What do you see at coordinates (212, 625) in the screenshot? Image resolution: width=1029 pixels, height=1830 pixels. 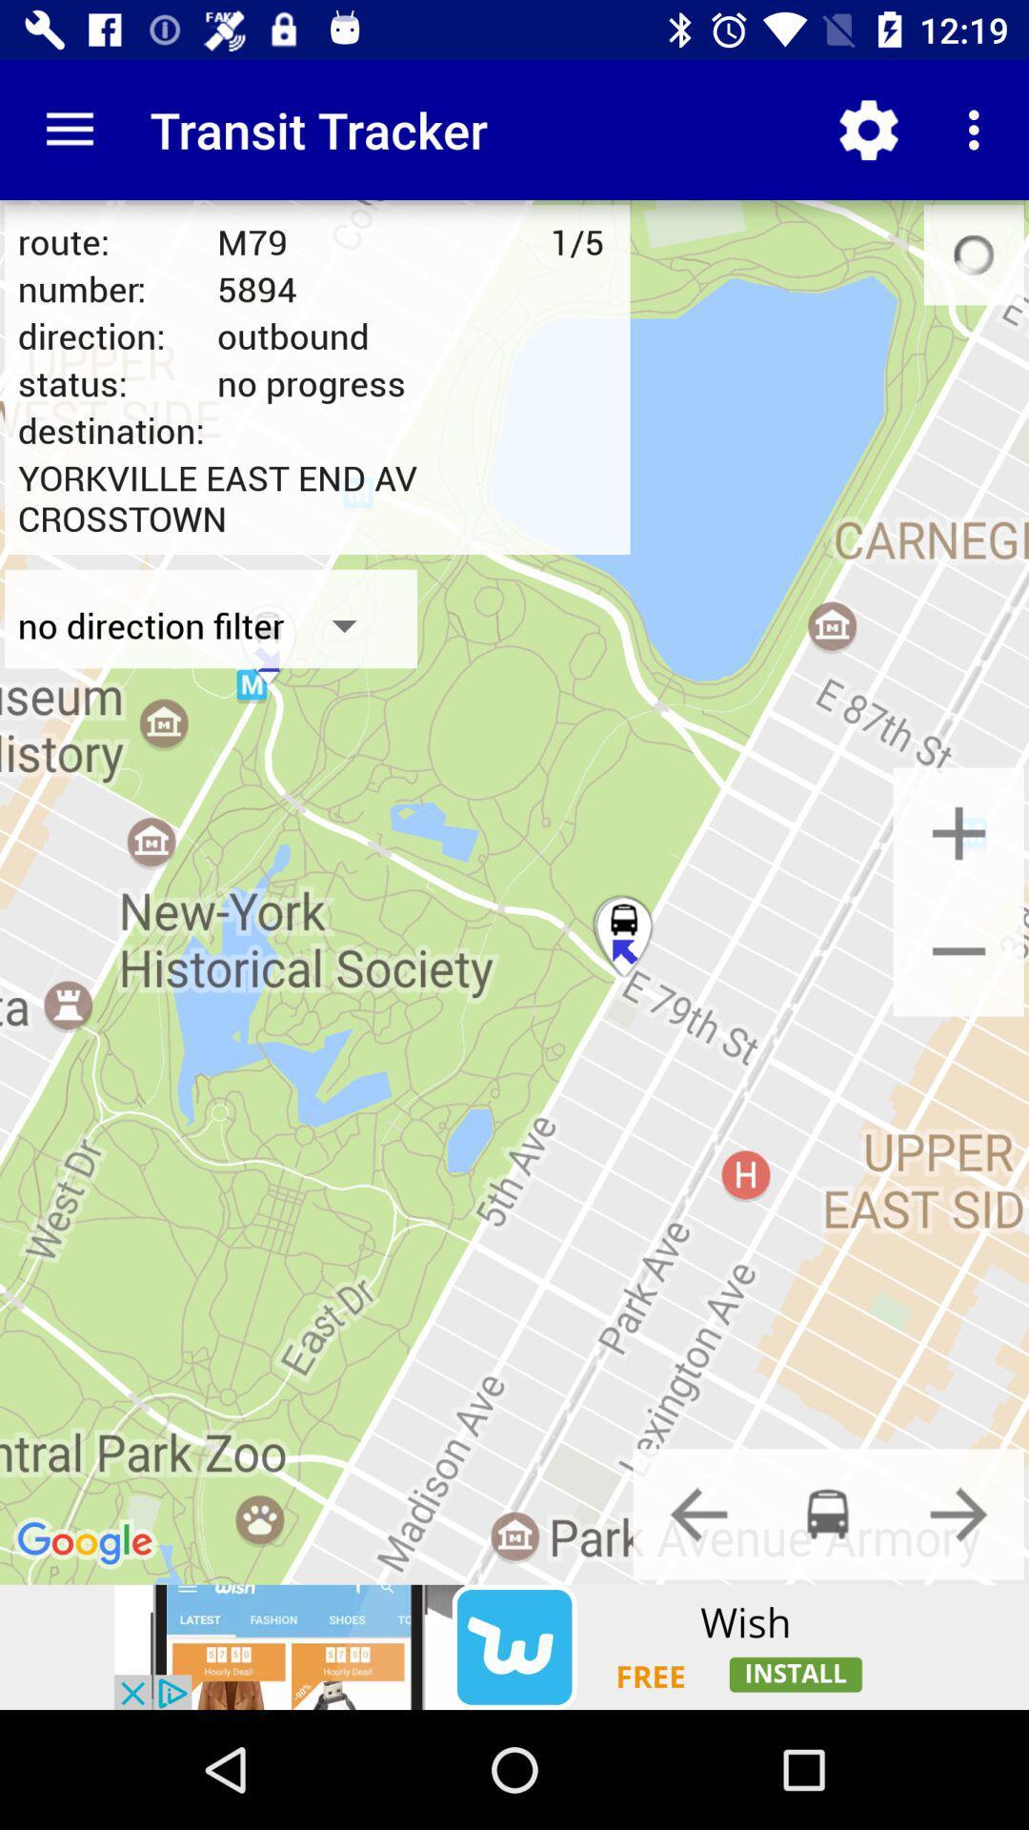 I see `tab no direction filter` at bounding box center [212, 625].